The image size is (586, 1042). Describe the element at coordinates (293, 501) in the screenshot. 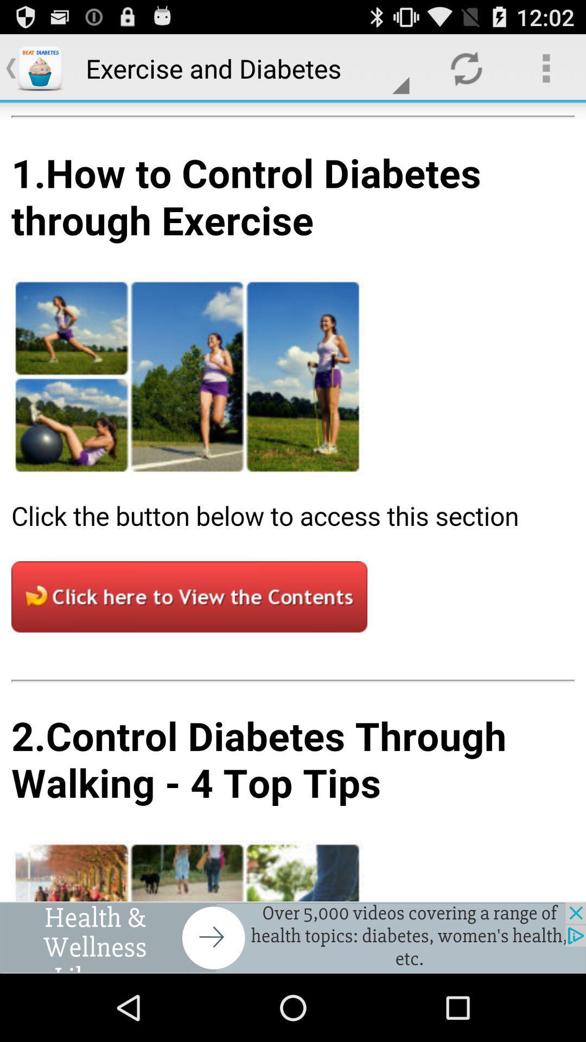

I see `advertisement page` at that location.